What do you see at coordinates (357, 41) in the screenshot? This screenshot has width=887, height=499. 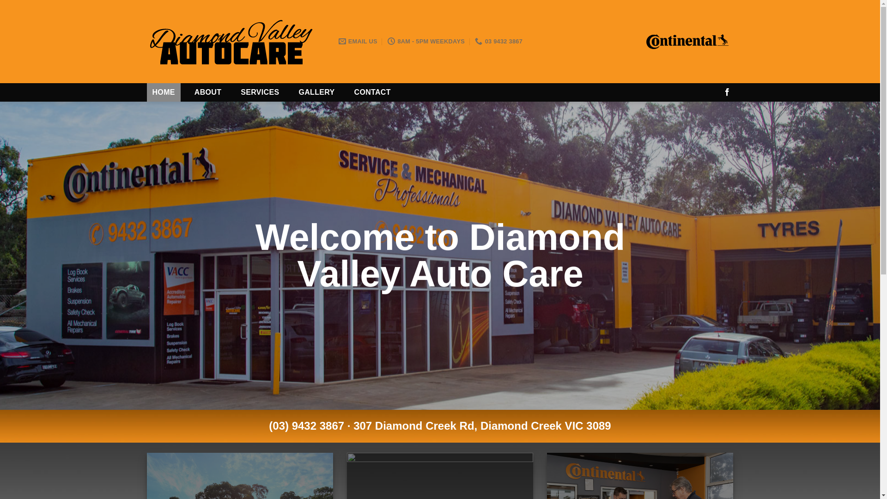 I see `'EMAIL US'` at bounding box center [357, 41].